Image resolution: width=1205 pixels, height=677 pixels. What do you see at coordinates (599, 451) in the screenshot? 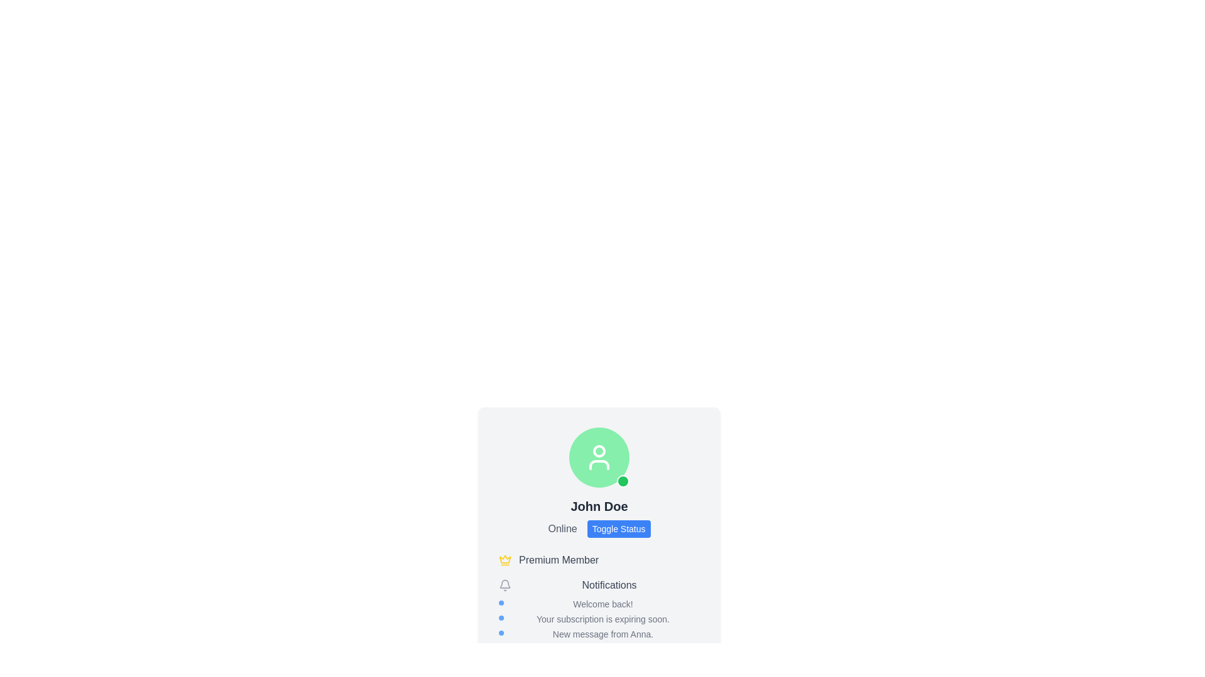
I see `the SVG Circle located at the top-center of the green round background in the interface` at bounding box center [599, 451].